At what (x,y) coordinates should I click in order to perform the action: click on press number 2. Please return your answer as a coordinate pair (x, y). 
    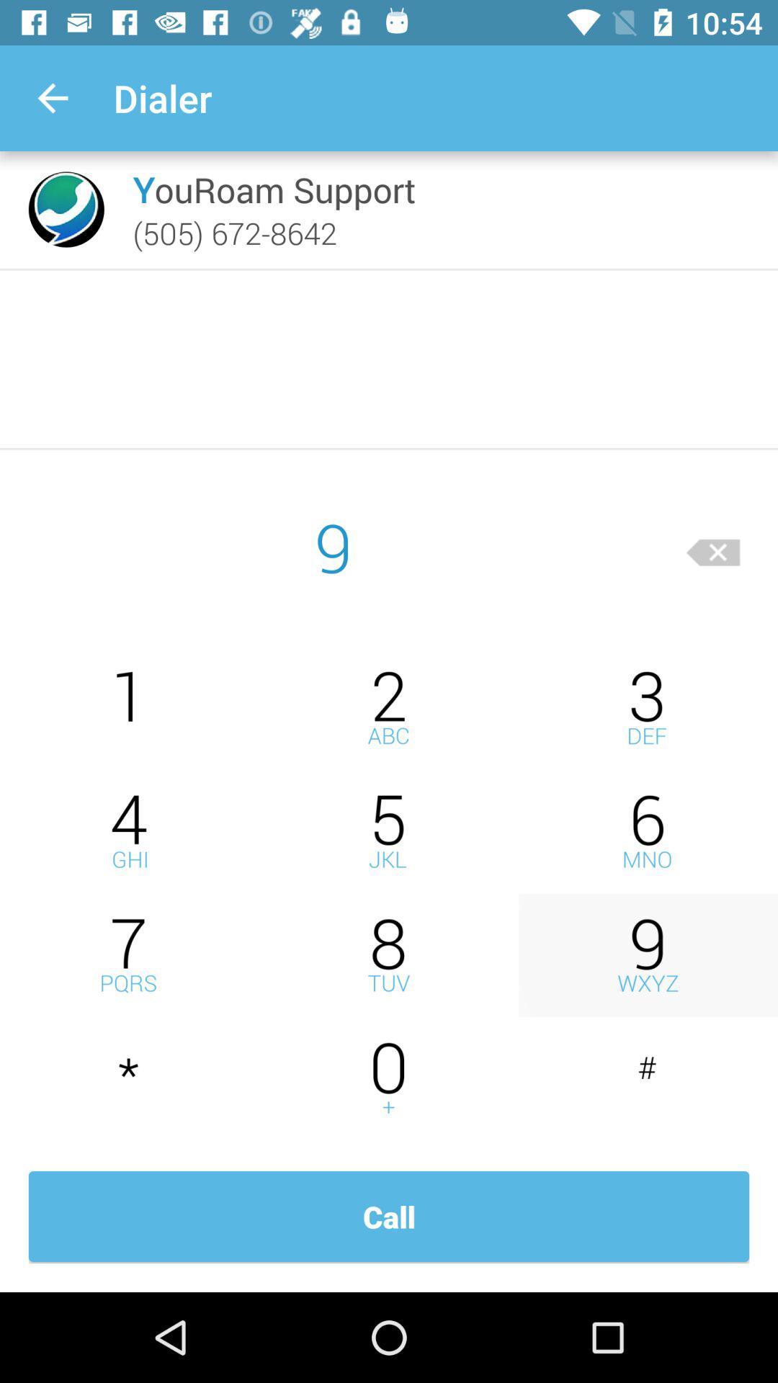
    Looking at the image, I should click on (389, 707).